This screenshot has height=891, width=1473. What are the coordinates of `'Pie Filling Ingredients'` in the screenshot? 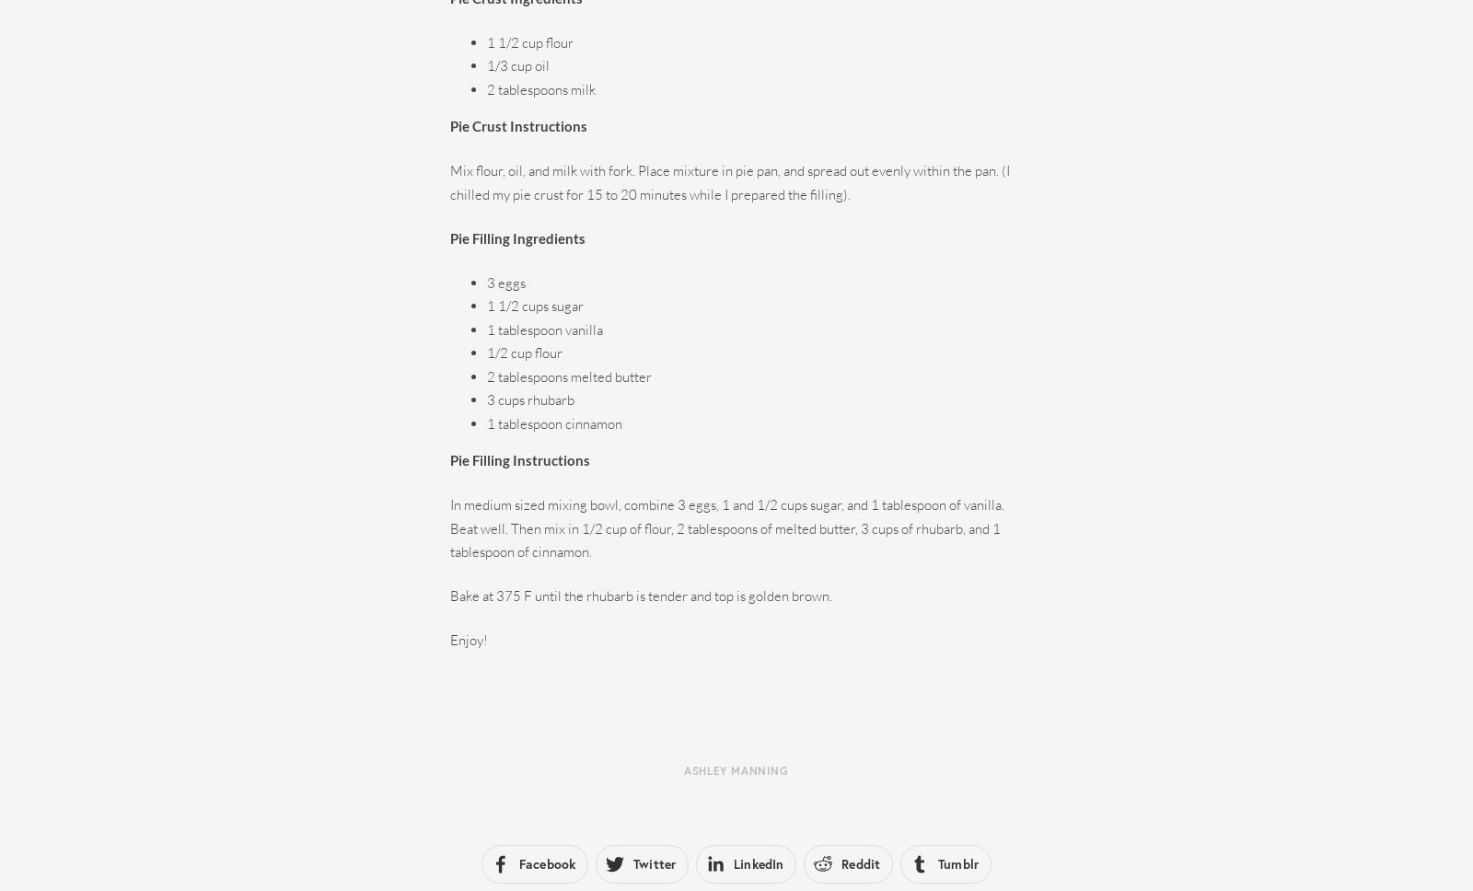 It's located at (448, 237).